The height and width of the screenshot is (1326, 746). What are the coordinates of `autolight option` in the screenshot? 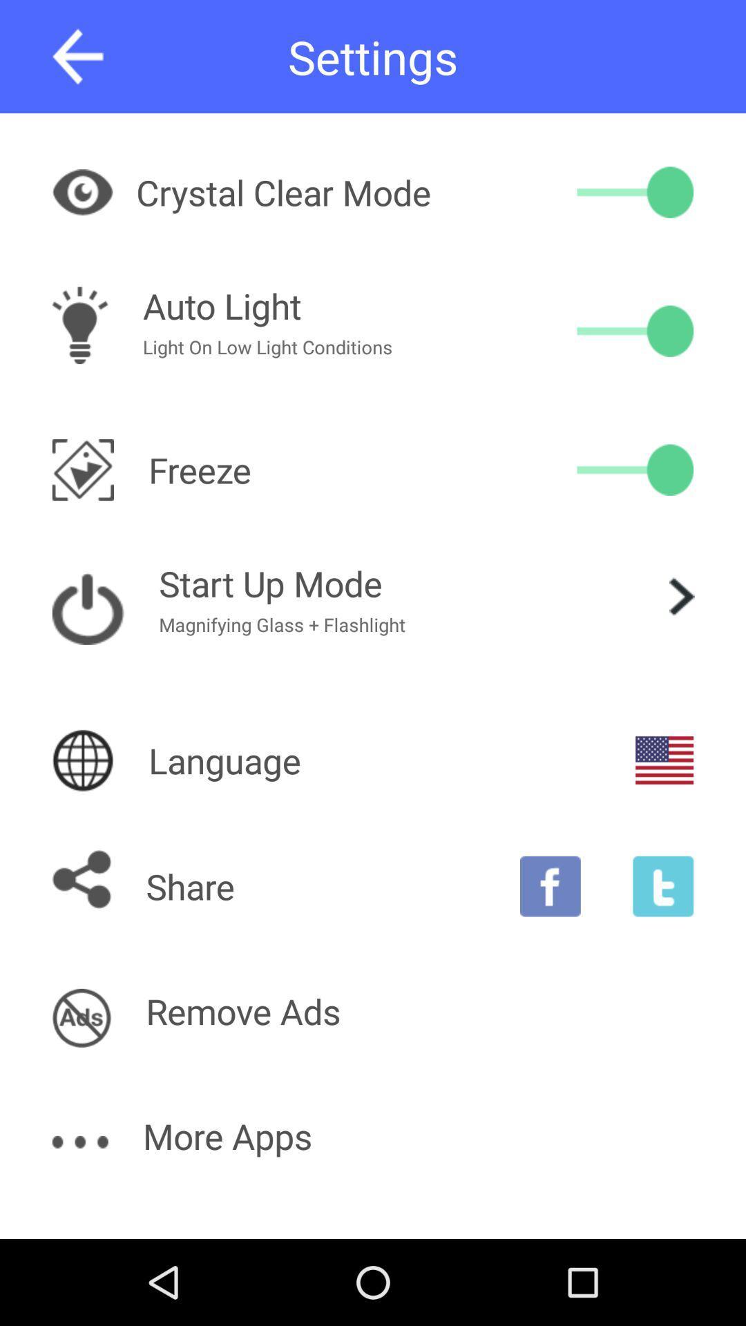 It's located at (635, 330).